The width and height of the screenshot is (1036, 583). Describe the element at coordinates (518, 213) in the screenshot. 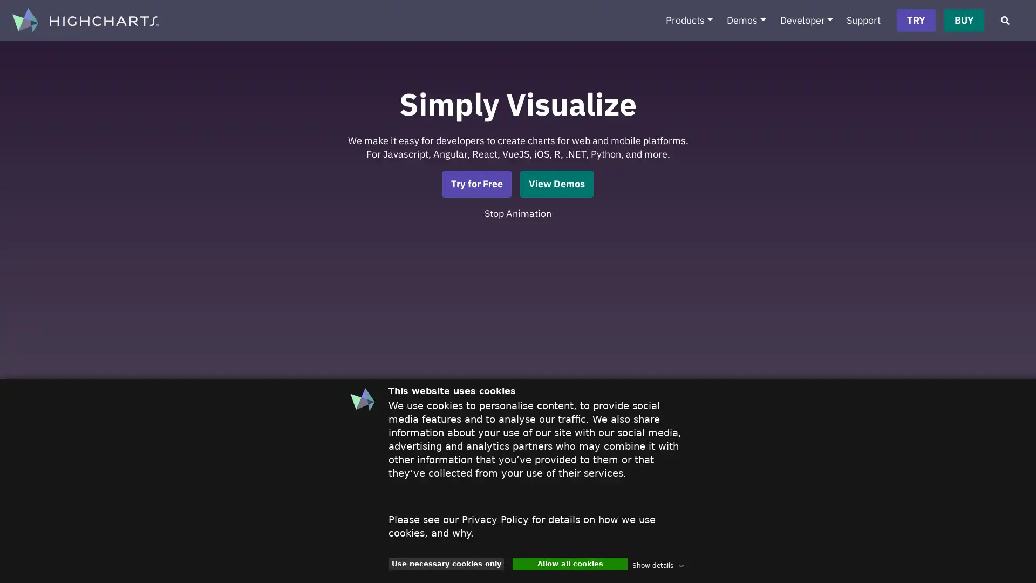

I see `Stop Animation` at that location.